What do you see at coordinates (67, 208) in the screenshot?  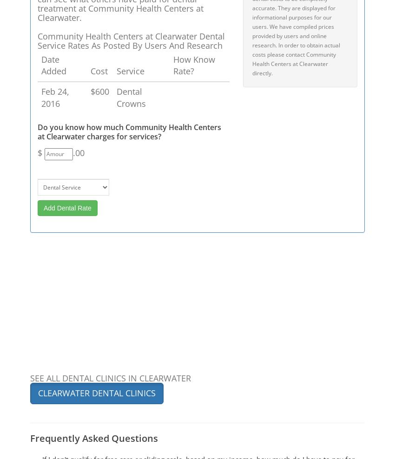 I see `'Add Dental Rate'` at bounding box center [67, 208].